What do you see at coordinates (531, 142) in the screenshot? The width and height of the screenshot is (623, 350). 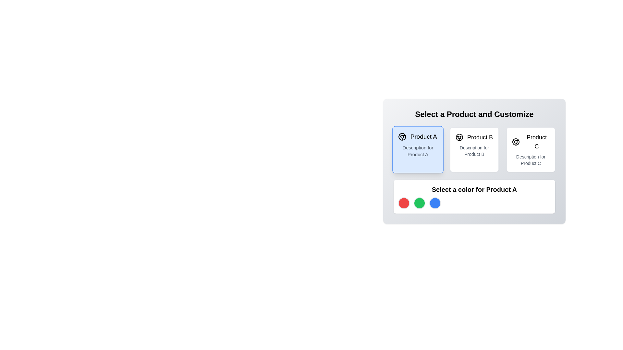 I see `the 'Product C' text label, which is displayed in bold, medium-sized font beside a browser icon within a white rectangular card in the 'Select a Product and Customize' section` at bounding box center [531, 142].